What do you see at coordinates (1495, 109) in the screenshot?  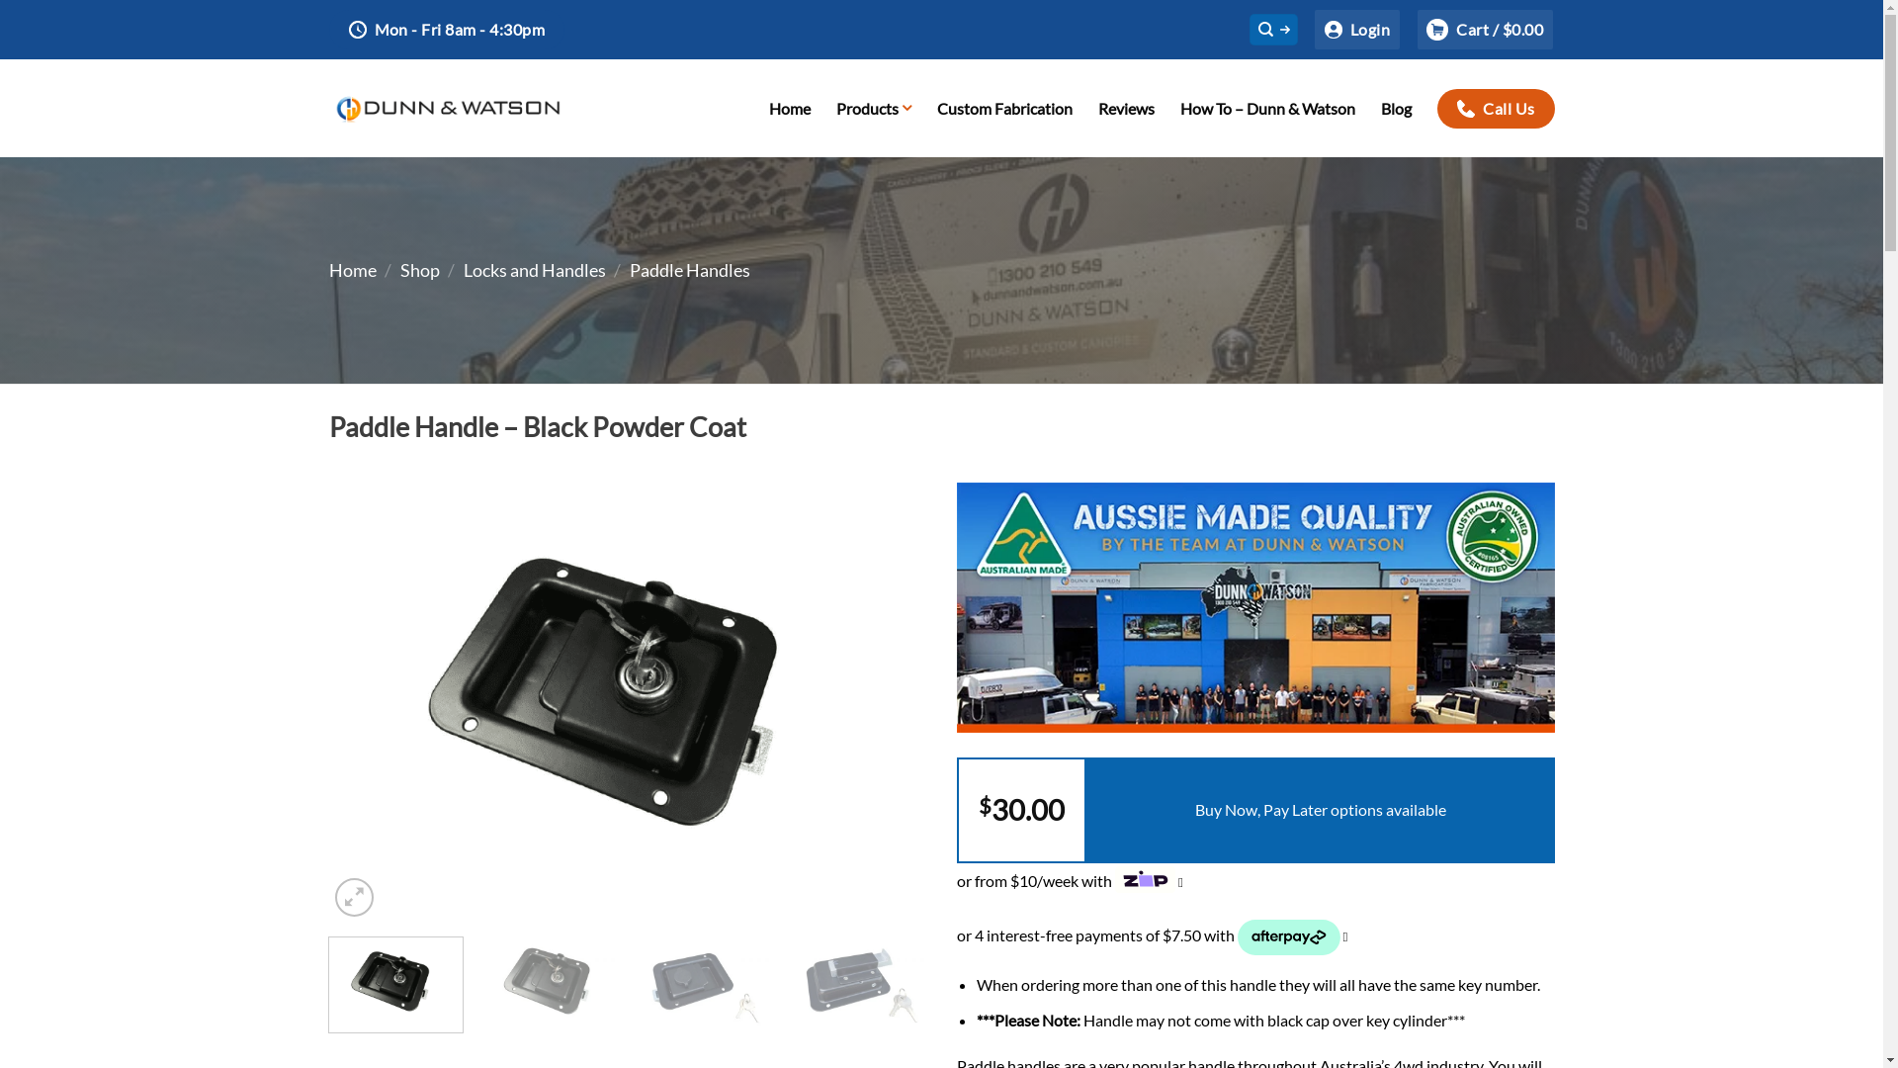 I see `'Call Us'` at bounding box center [1495, 109].